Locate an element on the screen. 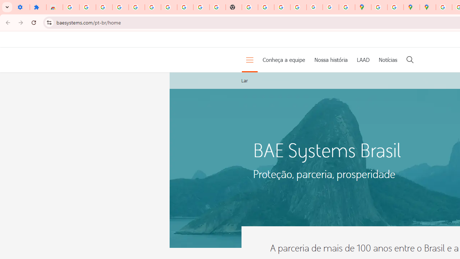 The image size is (460, 259). 'Safety in Our Products - Google Safety Center' is located at coordinates (395, 7).